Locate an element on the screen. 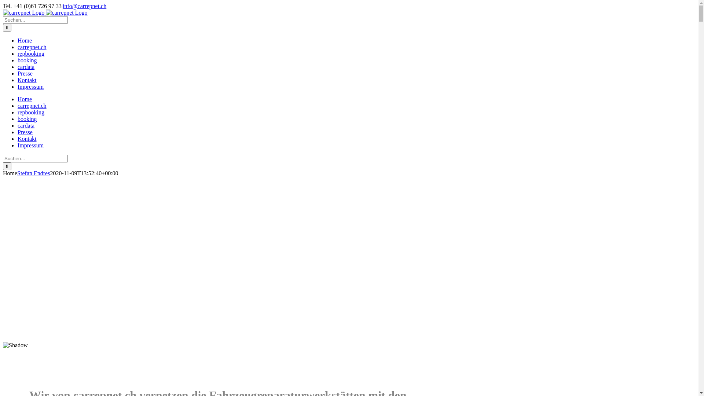 The width and height of the screenshot is (704, 396). 'info@carrepnet.ch' is located at coordinates (84, 6).